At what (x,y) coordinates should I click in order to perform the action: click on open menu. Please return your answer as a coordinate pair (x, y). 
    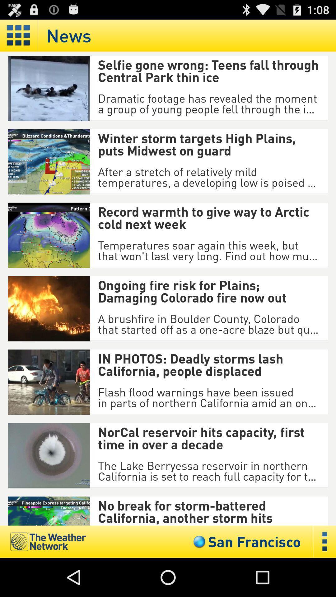
    Looking at the image, I should click on (18, 35).